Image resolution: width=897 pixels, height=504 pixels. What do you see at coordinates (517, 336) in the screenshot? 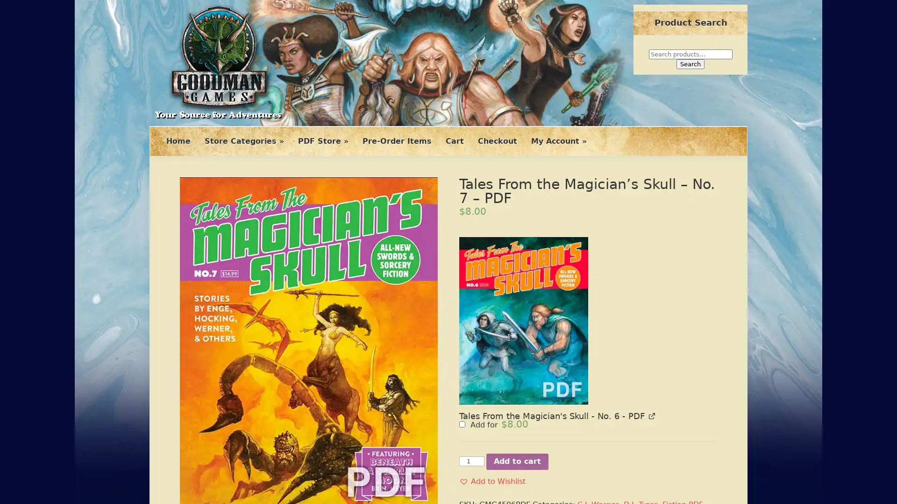
I see `Add to cart` at bounding box center [517, 336].